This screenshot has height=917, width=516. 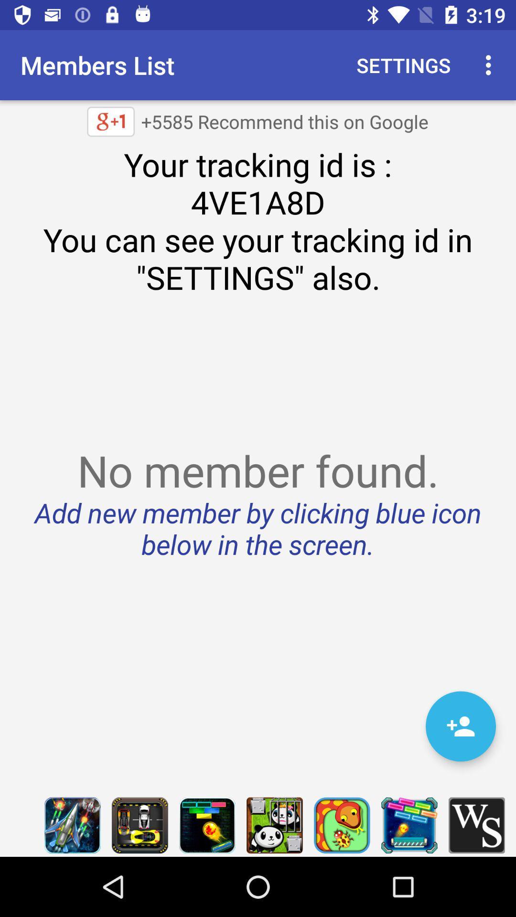 I want to click on the follow icon, so click(x=460, y=726).